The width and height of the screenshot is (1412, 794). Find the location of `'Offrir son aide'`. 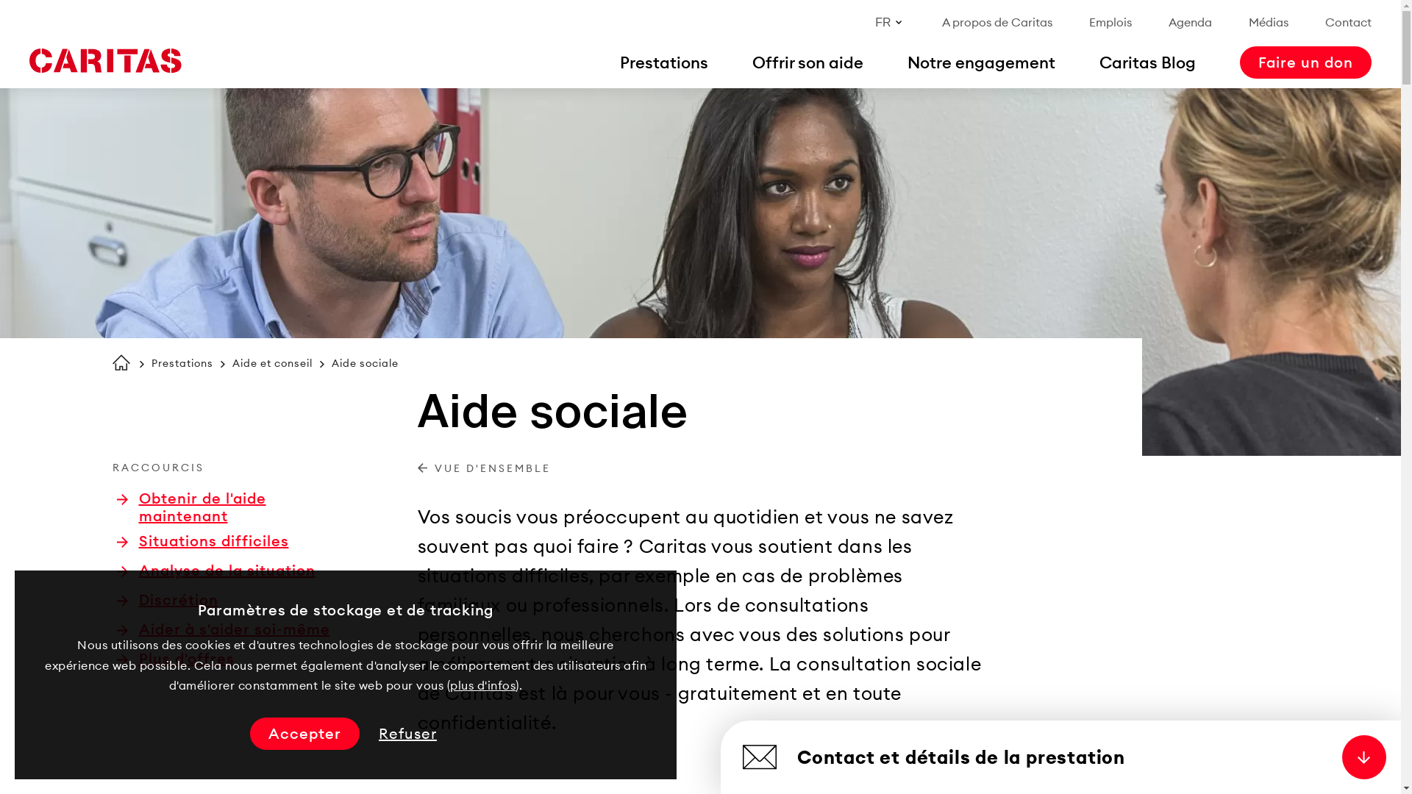

'Offrir son aide' is located at coordinates (807, 61).